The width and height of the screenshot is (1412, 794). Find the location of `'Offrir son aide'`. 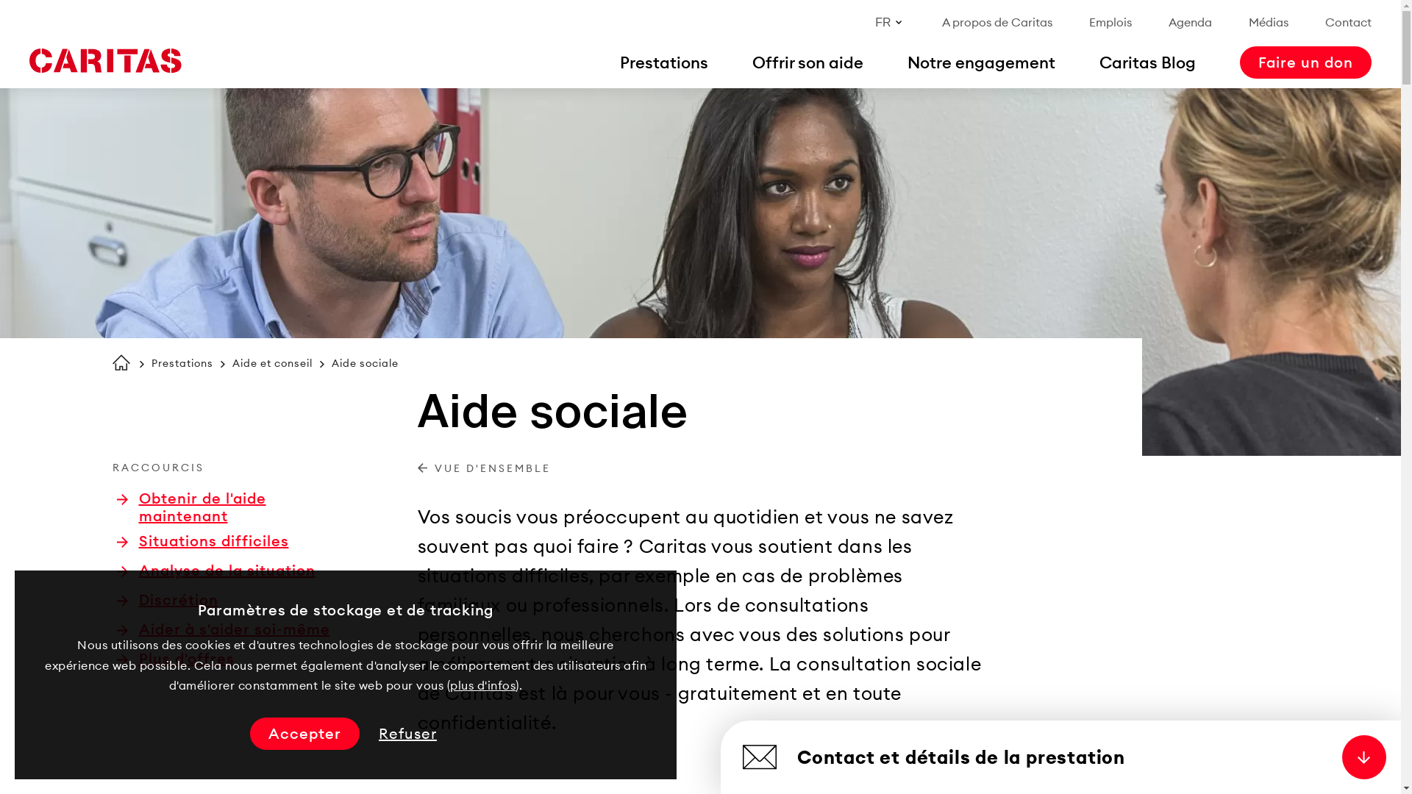

'Offrir son aide' is located at coordinates (807, 61).